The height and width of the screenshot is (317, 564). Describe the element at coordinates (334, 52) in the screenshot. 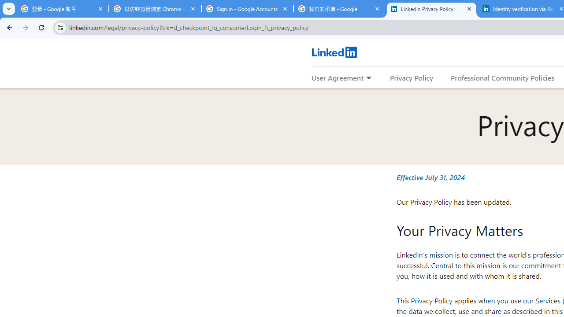

I see `'LinkedIn Logo'` at that location.